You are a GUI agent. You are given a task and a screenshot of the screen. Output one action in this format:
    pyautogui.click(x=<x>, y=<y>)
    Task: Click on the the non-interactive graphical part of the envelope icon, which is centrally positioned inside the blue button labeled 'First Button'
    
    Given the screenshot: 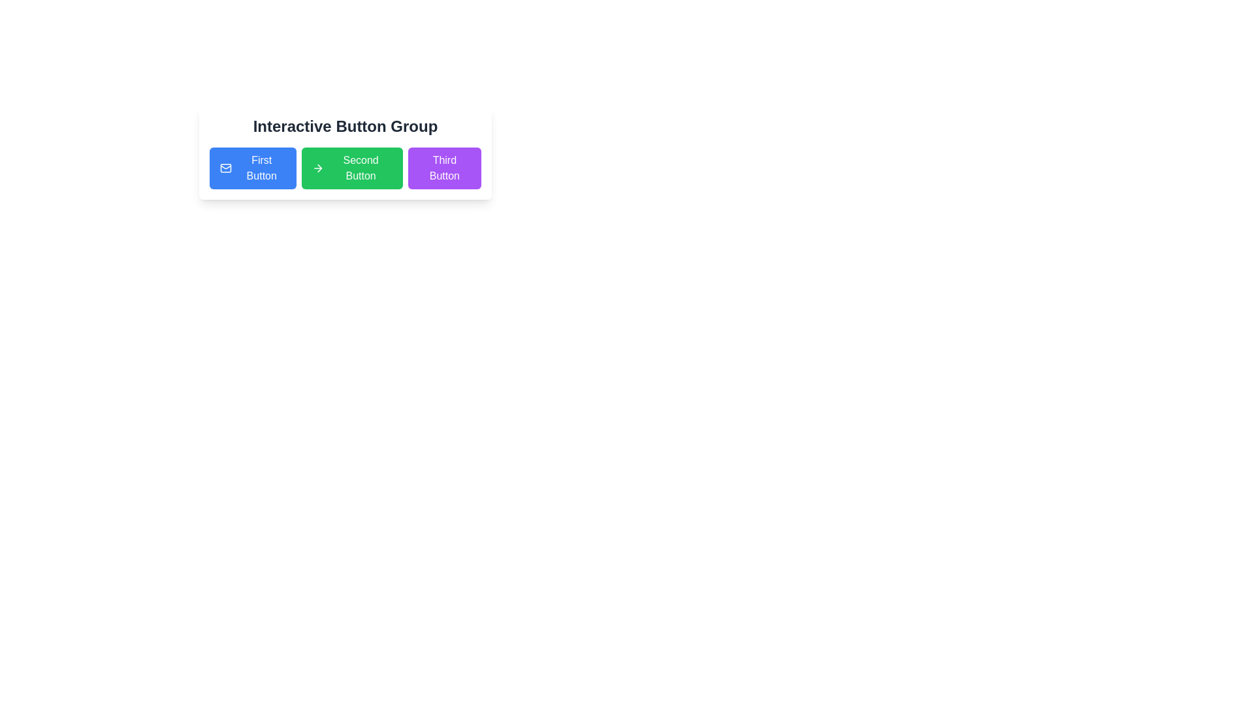 What is the action you would take?
    pyautogui.click(x=226, y=168)
    